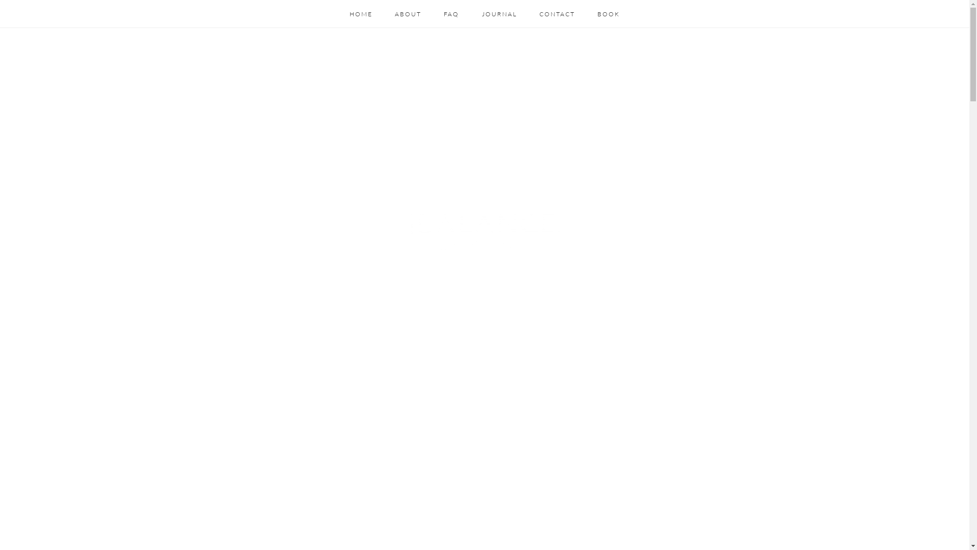  What do you see at coordinates (608, 14) in the screenshot?
I see `'BOOK'` at bounding box center [608, 14].